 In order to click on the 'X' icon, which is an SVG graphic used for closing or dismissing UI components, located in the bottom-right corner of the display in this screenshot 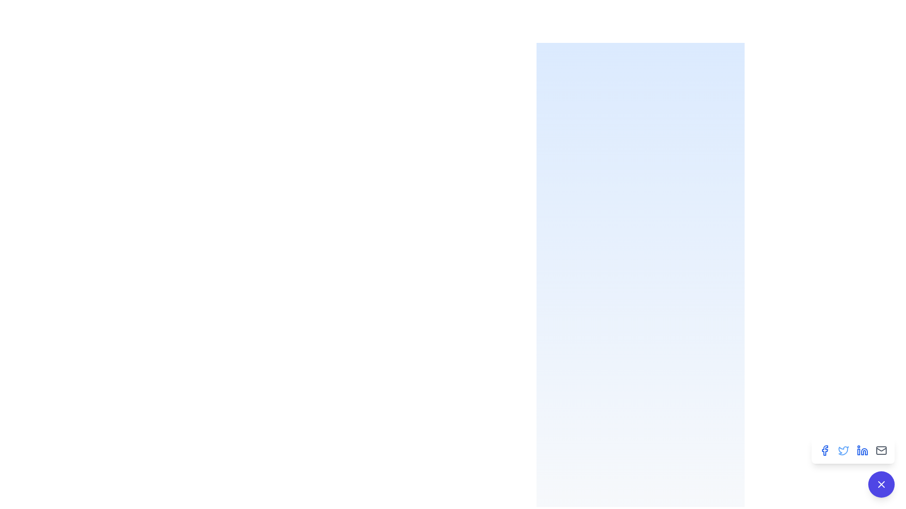, I will do `click(881, 484)`.